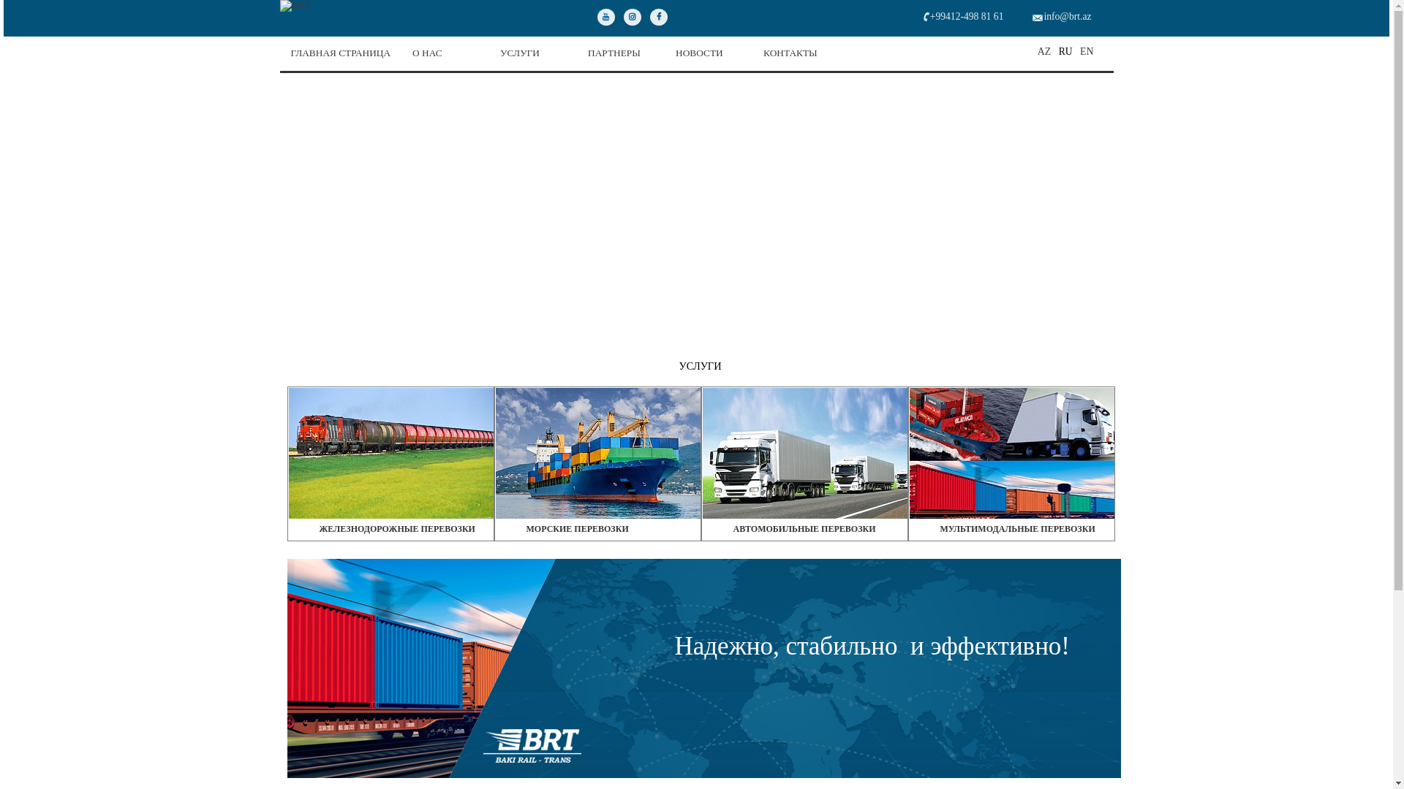 The image size is (1404, 789). Describe the element at coordinates (1043, 50) in the screenshot. I see `'AZ'` at that location.